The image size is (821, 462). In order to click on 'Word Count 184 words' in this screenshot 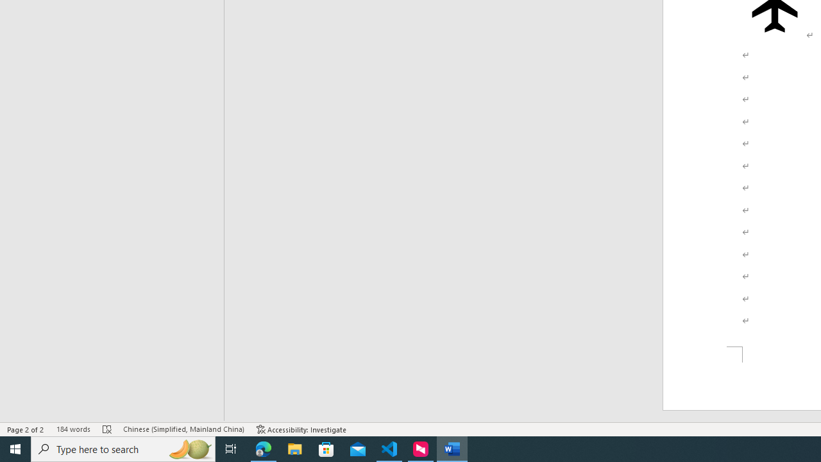, I will do `click(72, 429)`.